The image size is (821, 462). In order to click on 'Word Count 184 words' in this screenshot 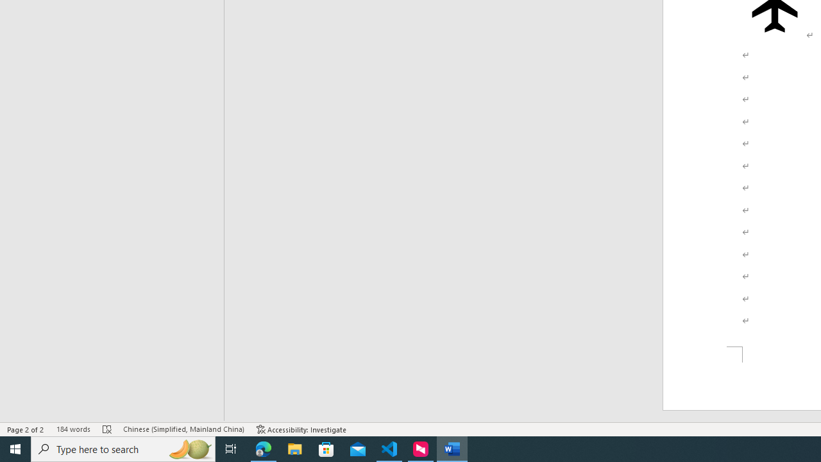, I will do `click(72, 429)`.